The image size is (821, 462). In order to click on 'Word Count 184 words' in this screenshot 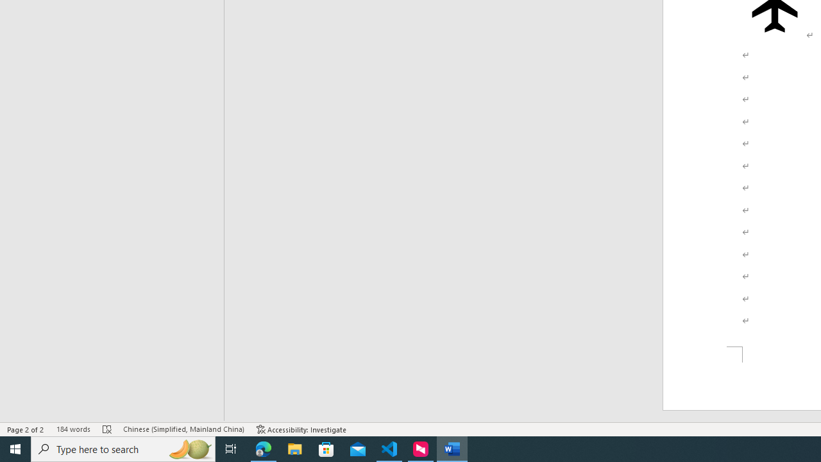, I will do `click(72, 429)`.